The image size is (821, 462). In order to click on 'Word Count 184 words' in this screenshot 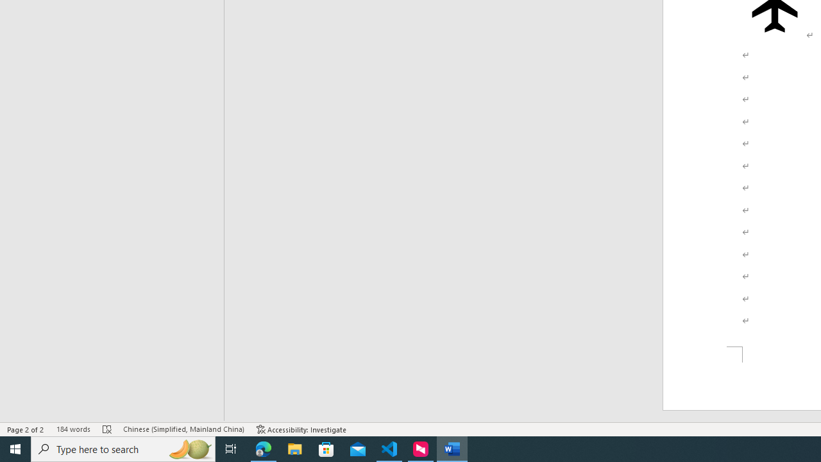, I will do `click(72, 429)`.